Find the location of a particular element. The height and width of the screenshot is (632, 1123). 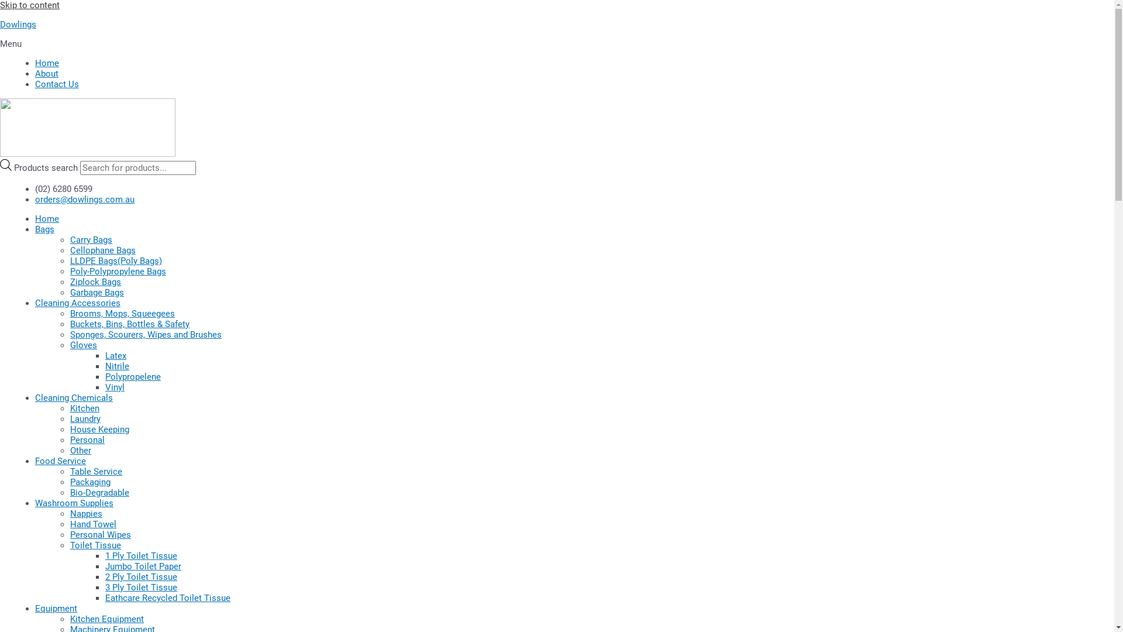

'Personal' is located at coordinates (70, 440).